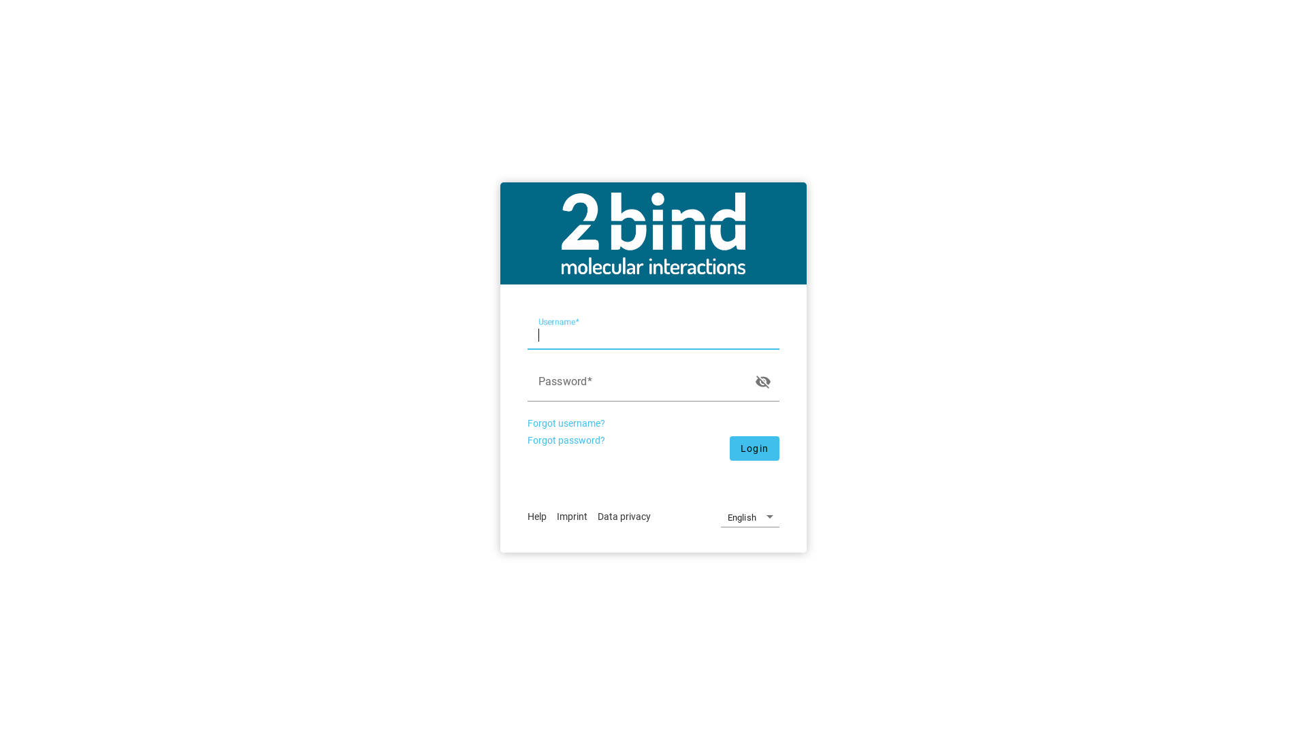 This screenshot has width=1307, height=735. What do you see at coordinates (763, 378) in the screenshot?
I see `'visibility_off'` at bounding box center [763, 378].